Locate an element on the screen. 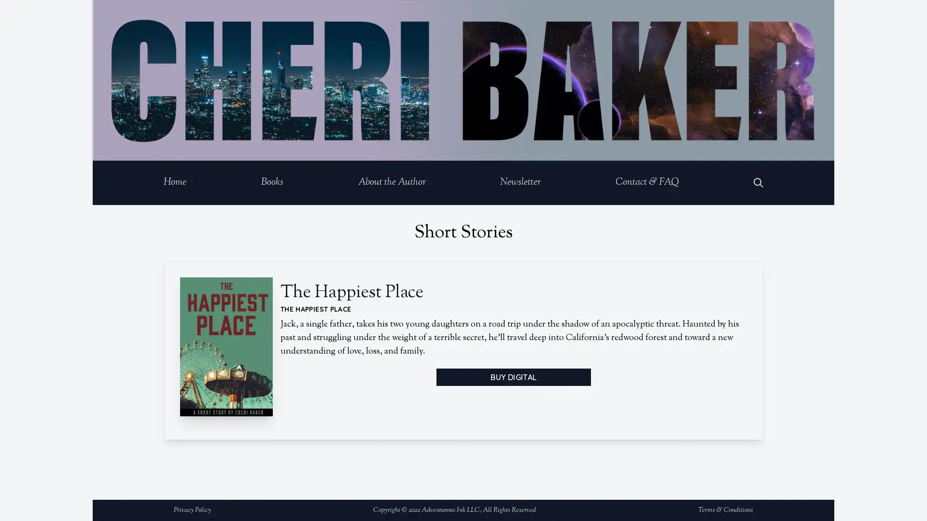 This screenshot has width=927, height=521. BUY DIGITAL is located at coordinates (513, 376).